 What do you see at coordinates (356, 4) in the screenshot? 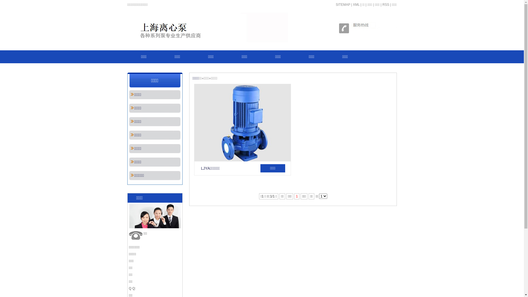
I see `'XML'` at bounding box center [356, 4].